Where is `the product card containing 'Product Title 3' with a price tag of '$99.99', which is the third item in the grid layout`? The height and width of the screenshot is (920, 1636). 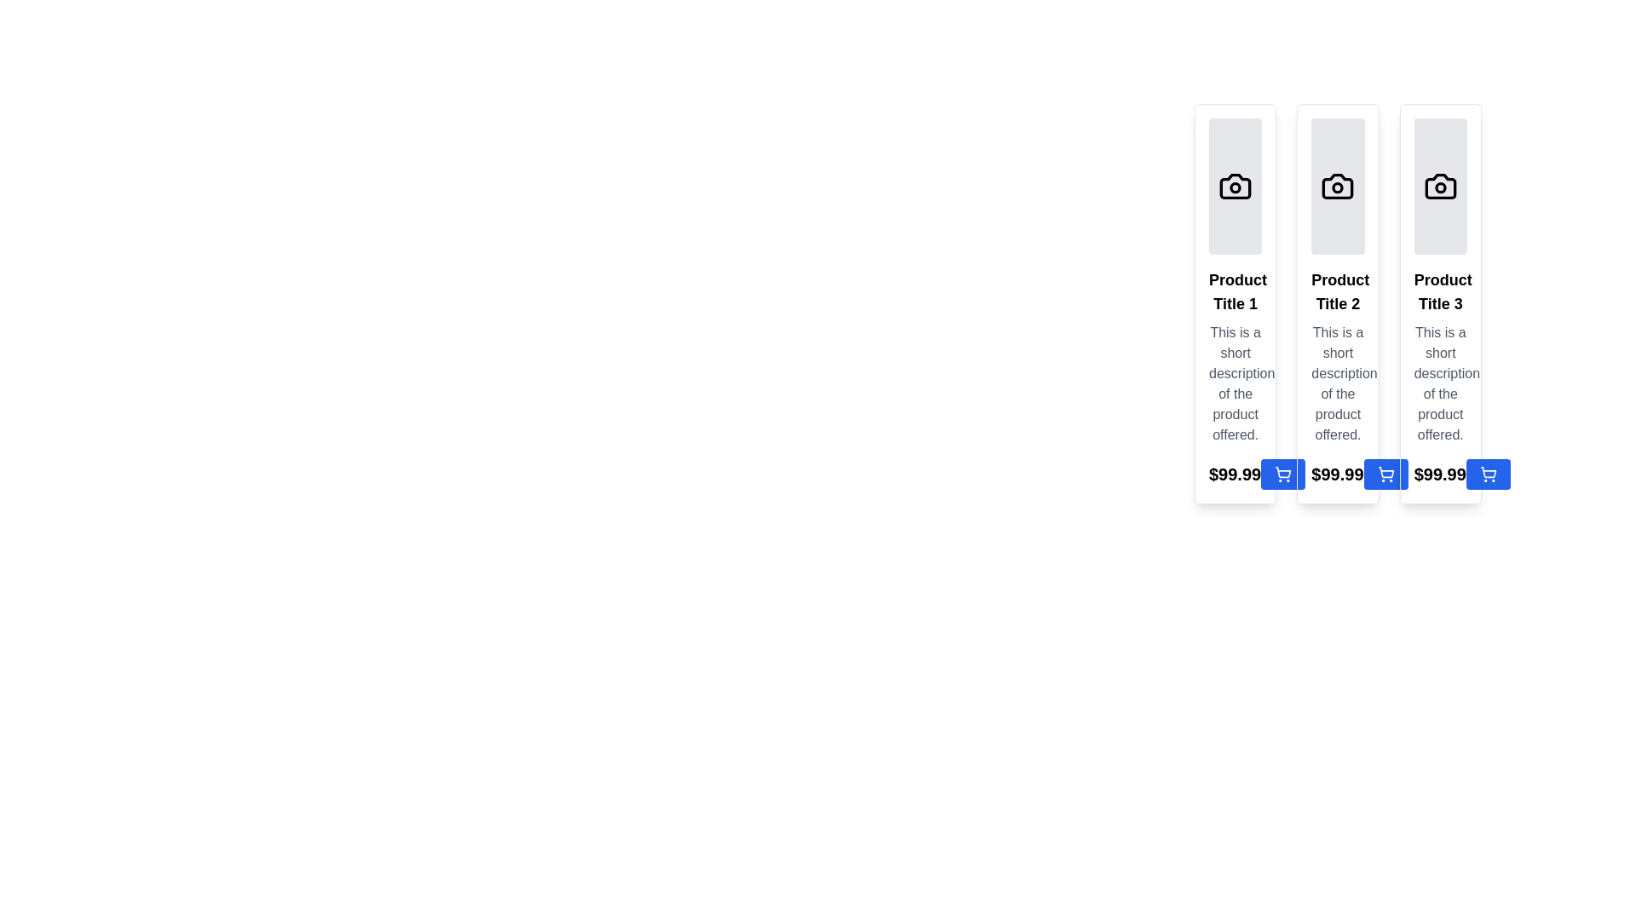
the product card containing 'Product Title 3' with a price tag of '$99.99', which is the third item in the grid layout is located at coordinates (1439, 303).